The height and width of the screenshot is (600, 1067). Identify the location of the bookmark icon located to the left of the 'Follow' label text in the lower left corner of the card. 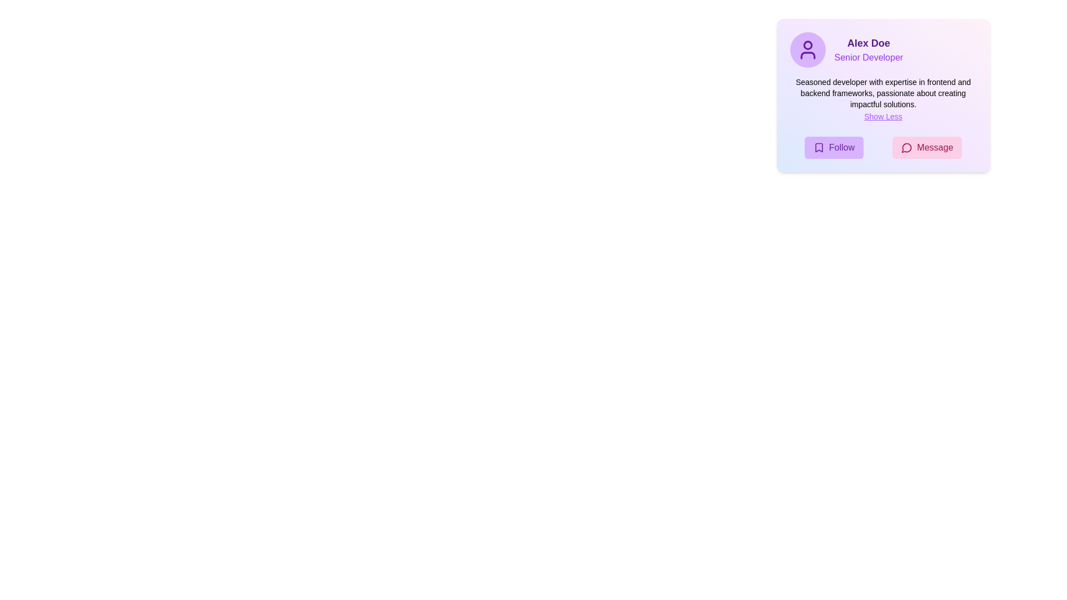
(819, 147).